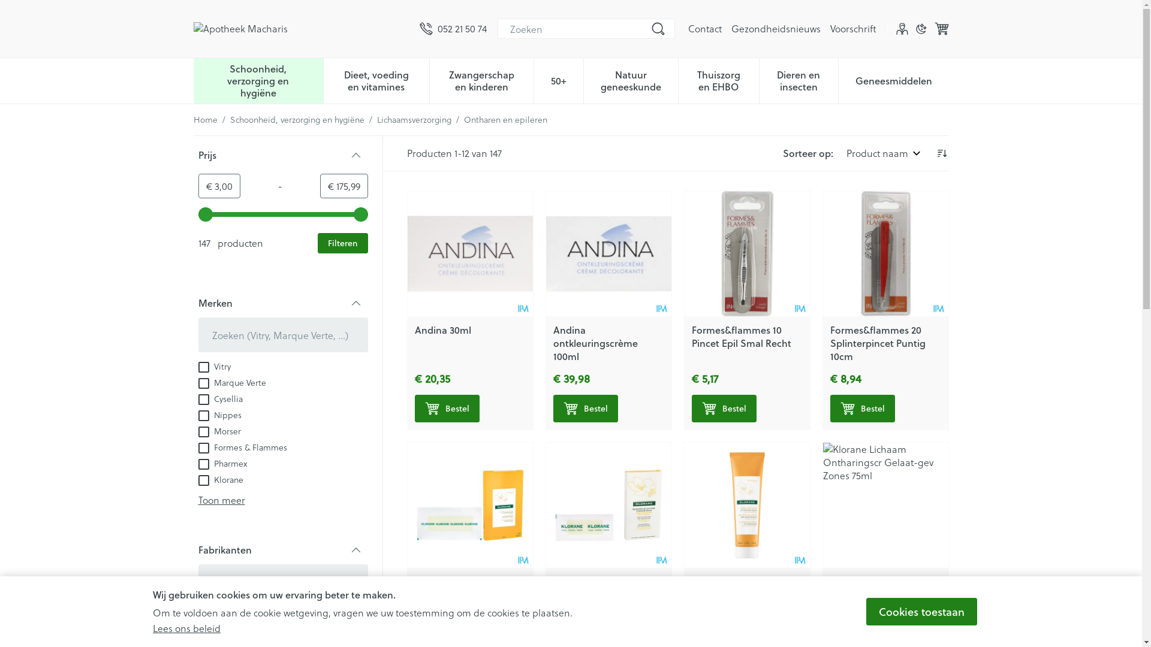 The width and height of the screenshot is (1151, 647). I want to click on 'on', so click(203, 367).